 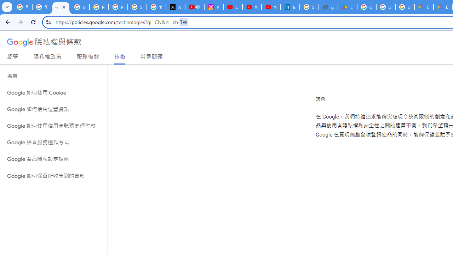 I want to click on 'Google Workspace - Specific Terms', so click(x=405, y=7).